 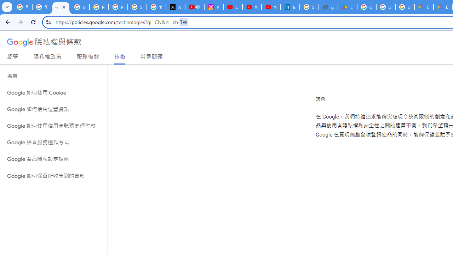 I want to click on 'Google Workspace - Specific Terms', so click(x=405, y=7).